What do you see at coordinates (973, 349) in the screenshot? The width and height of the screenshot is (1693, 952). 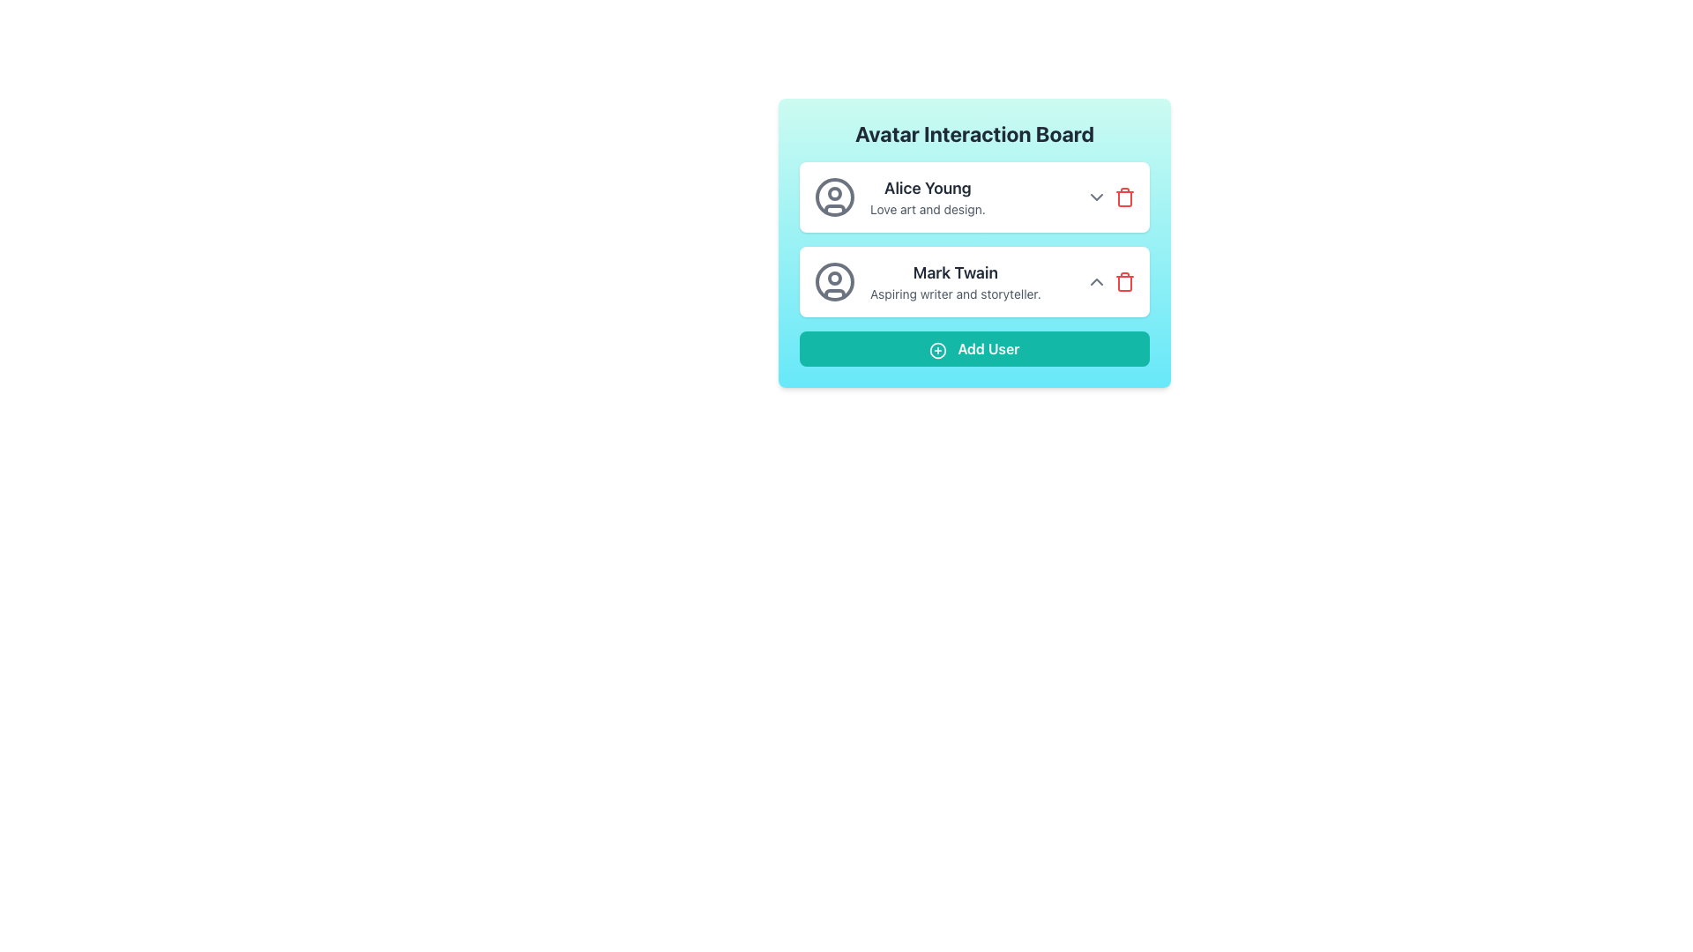 I see `the button located at the bottom of the 'Avatar Interaction Board' card to initiate the user addition process` at bounding box center [973, 349].